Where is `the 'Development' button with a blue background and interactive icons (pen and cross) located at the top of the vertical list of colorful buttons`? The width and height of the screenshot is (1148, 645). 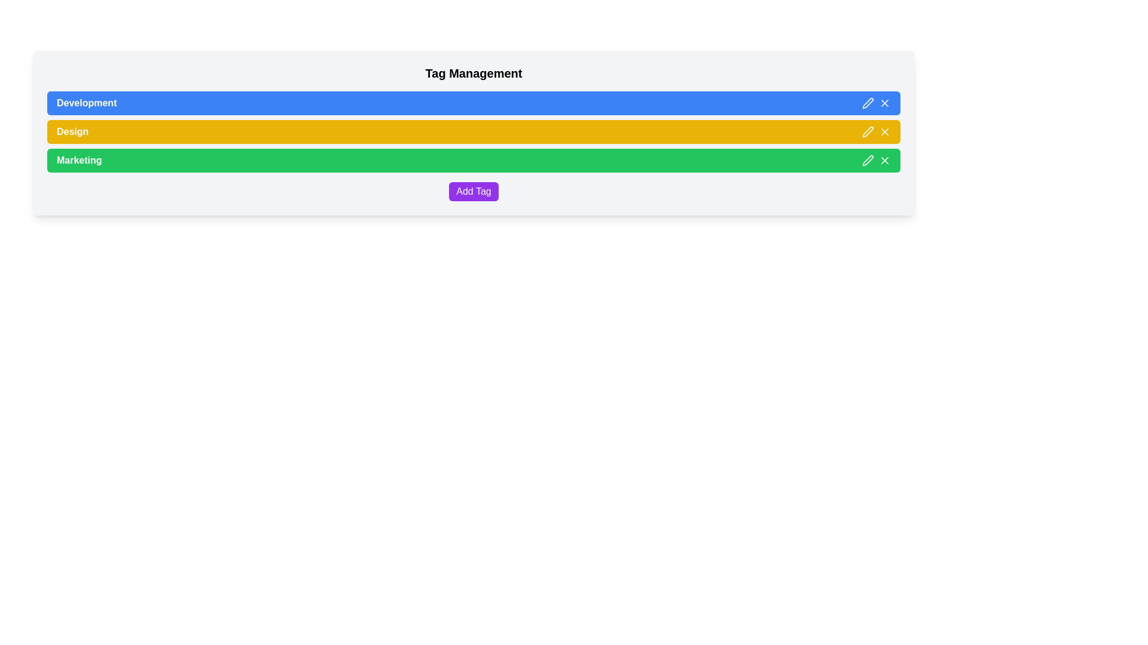
the 'Development' button with a blue background and interactive icons (pen and cross) located at the top of the vertical list of colorful buttons is located at coordinates (473, 103).